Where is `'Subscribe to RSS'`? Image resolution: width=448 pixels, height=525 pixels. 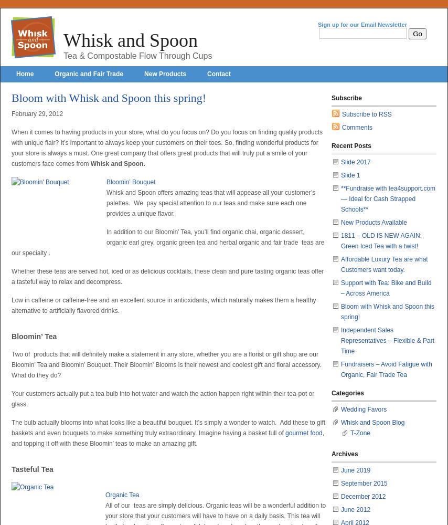 'Subscribe to RSS' is located at coordinates (342, 114).